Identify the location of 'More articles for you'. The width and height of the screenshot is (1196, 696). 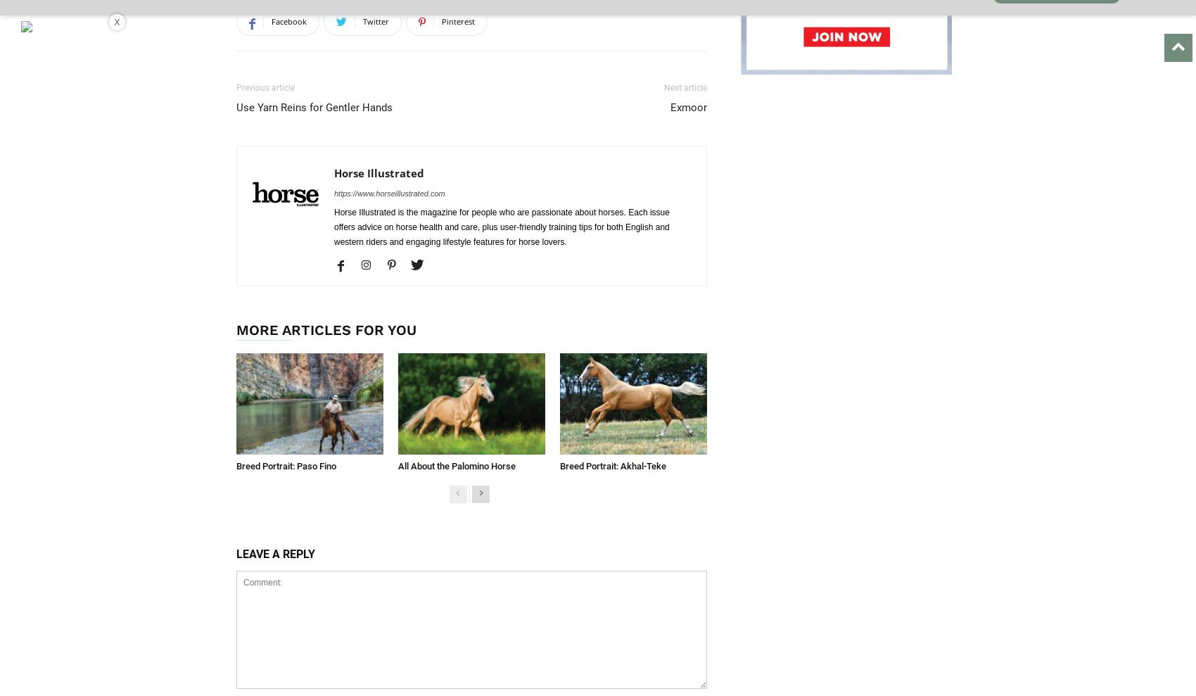
(326, 329).